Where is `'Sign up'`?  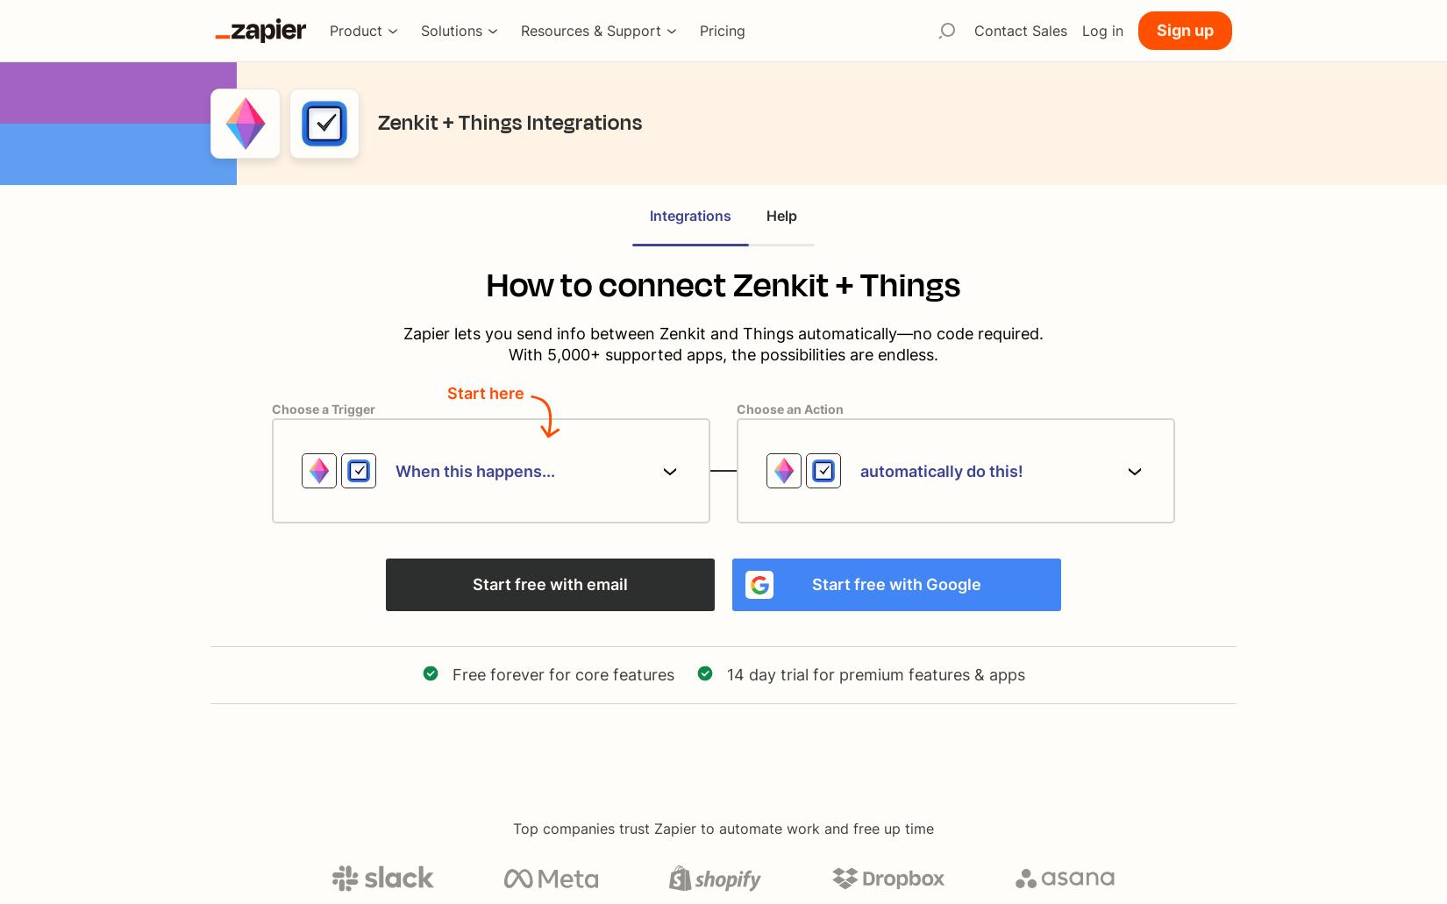 'Sign up' is located at coordinates (1184, 30).